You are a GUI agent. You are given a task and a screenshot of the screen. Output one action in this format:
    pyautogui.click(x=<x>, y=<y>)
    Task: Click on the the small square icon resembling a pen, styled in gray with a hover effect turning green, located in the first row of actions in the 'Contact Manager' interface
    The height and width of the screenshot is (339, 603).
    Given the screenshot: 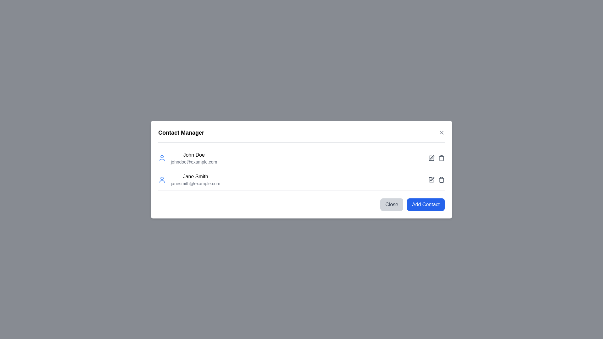 What is the action you would take?
    pyautogui.click(x=431, y=158)
    